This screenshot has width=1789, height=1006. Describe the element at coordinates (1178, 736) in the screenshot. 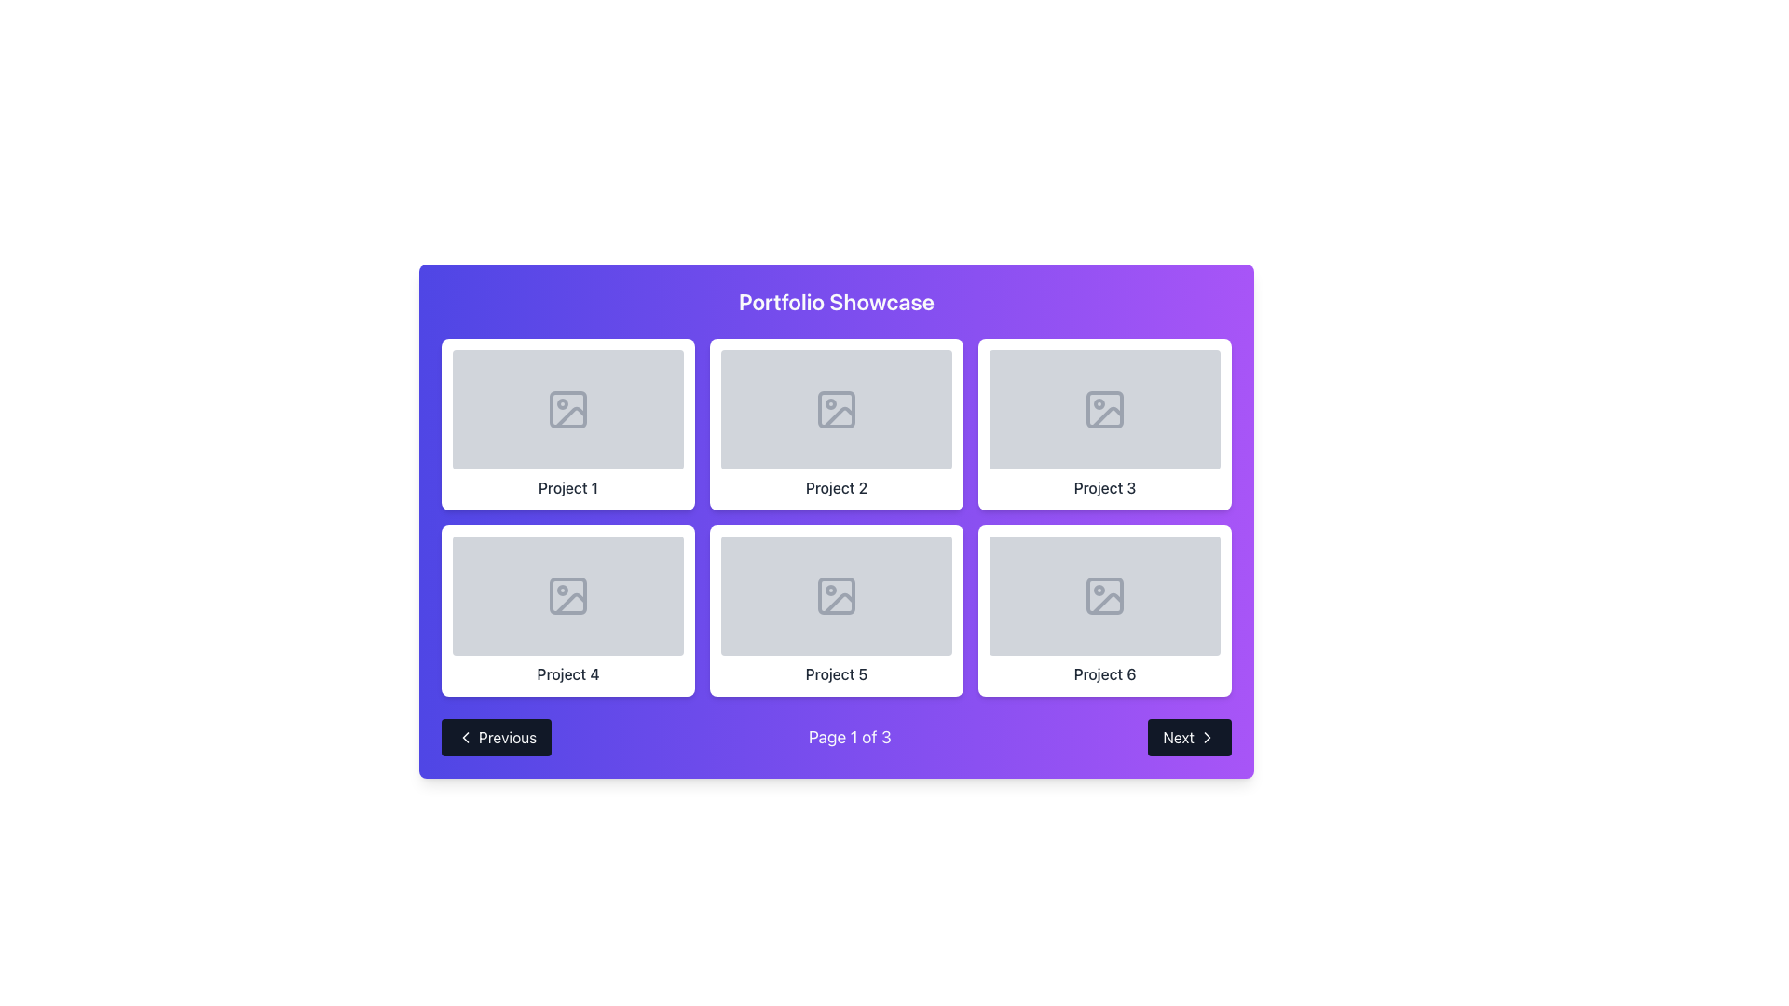

I see `the 'Next' text label, which is a bolded, white font button located in the bottom-right corner of the pagination bar` at that location.